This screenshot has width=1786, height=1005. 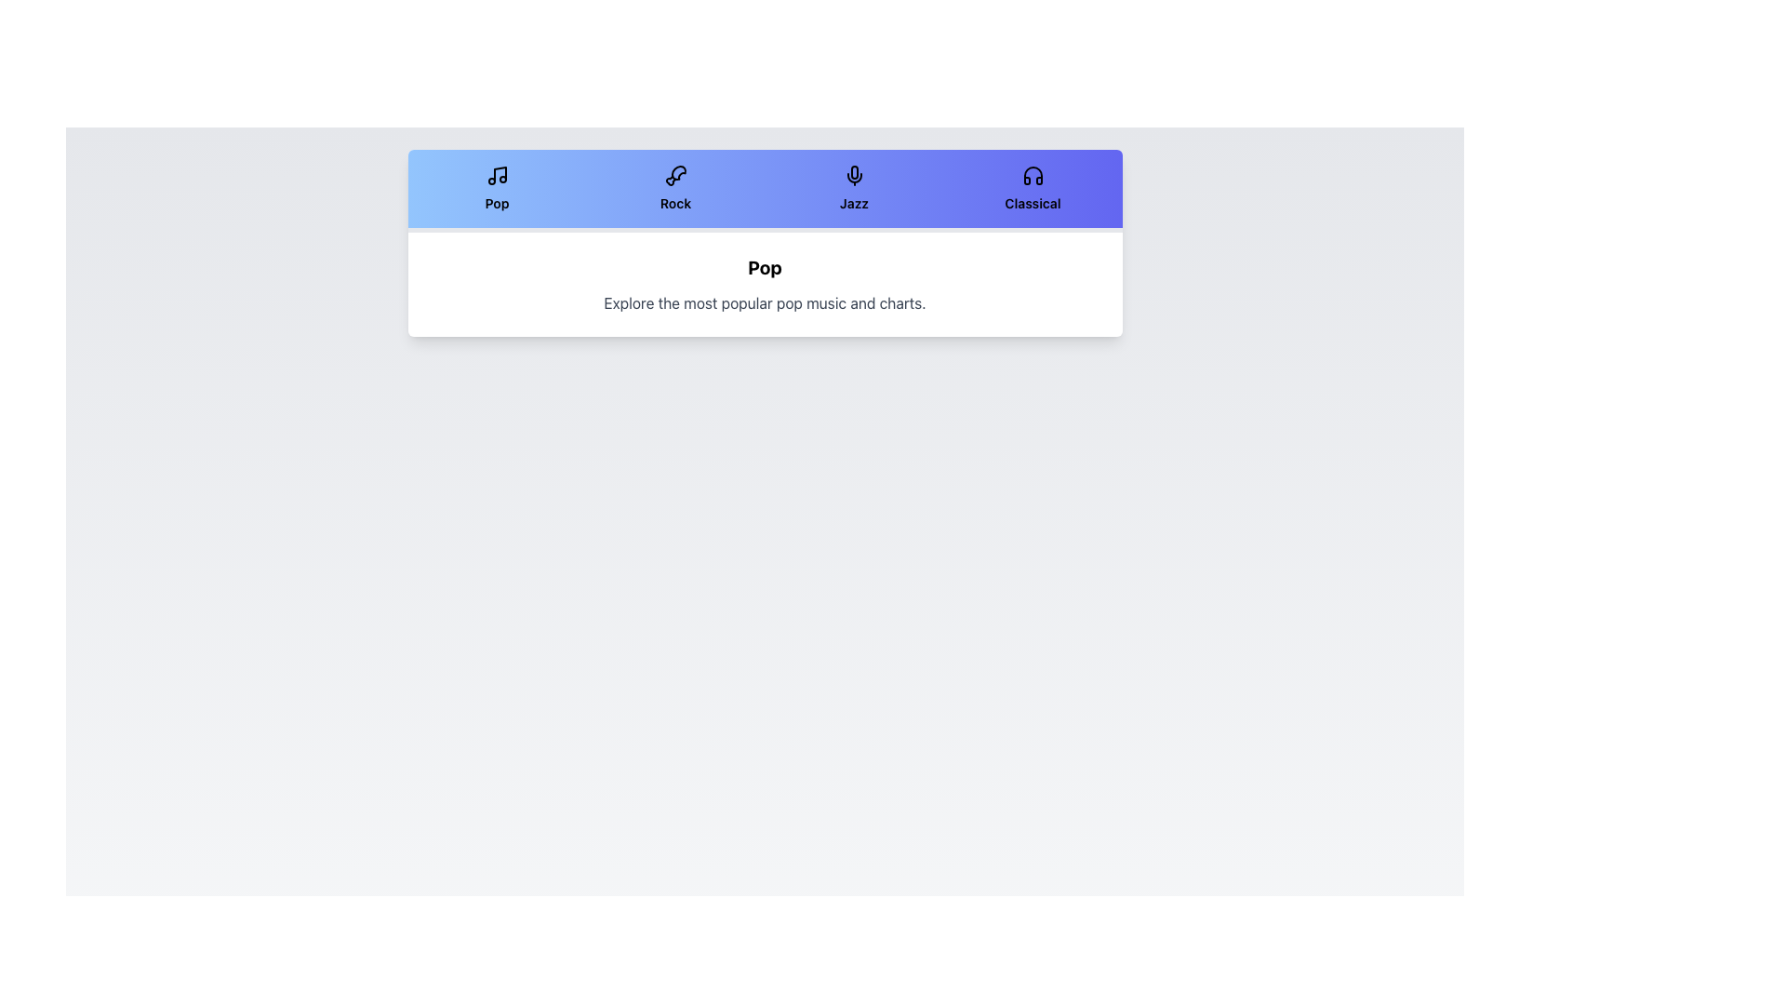 What do you see at coordinates (853, 190) in the screenshot?
I see `the Jazz tab button, which is the third tab in a row of four tabs labeled Pop, Rock, Jazz, and Classical, to change its styling` at bounding box center [853, 190].